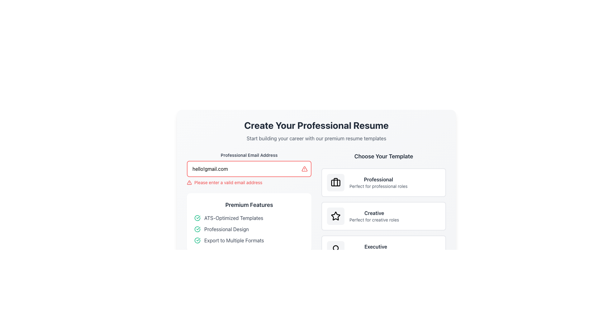  Describe the element at coordinates (375, 249) in the screenshot. I see `selectable option labeled 'Executive' with the description 'Perfect for executive roles' located in the 'Choose Your Template' section at the bottom of the list` at that location.